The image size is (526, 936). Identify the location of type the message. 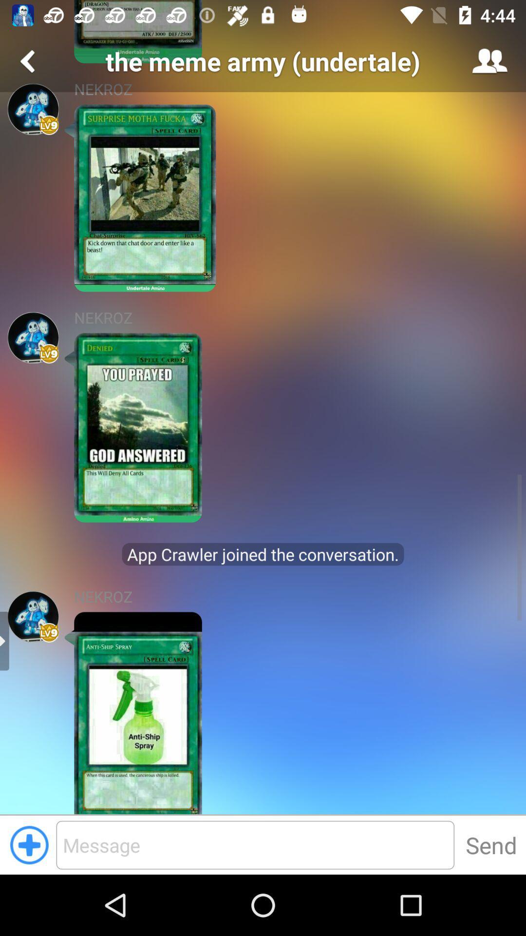
(255, 844).